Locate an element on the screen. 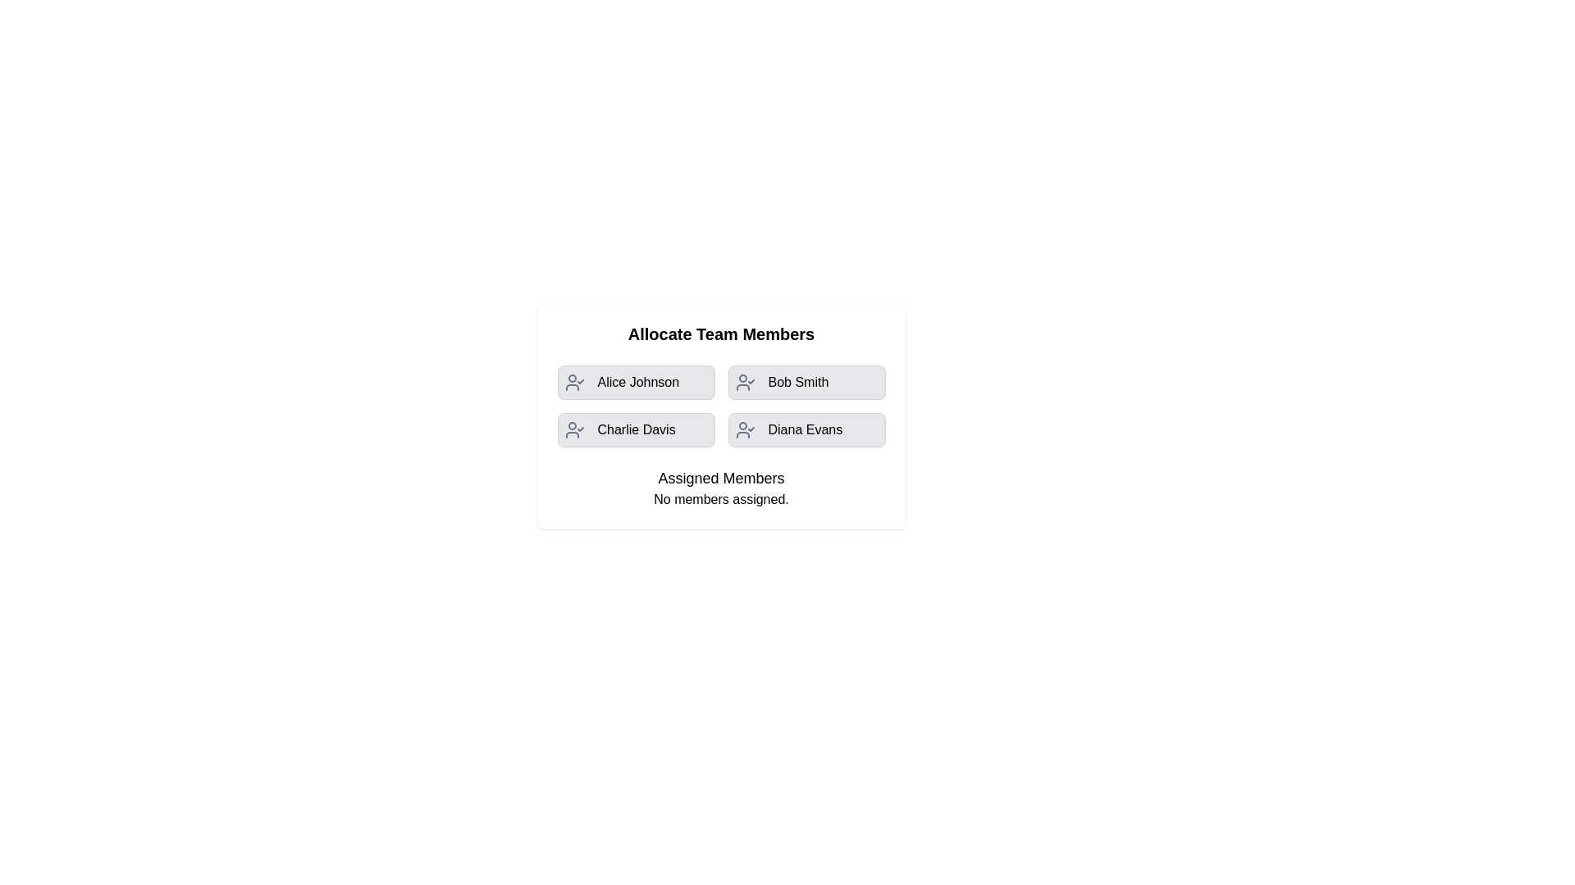 This screenshot has width=1575, height=885. the team member Diana Evans by clicking on their chip is located at coordinates (806, 429).